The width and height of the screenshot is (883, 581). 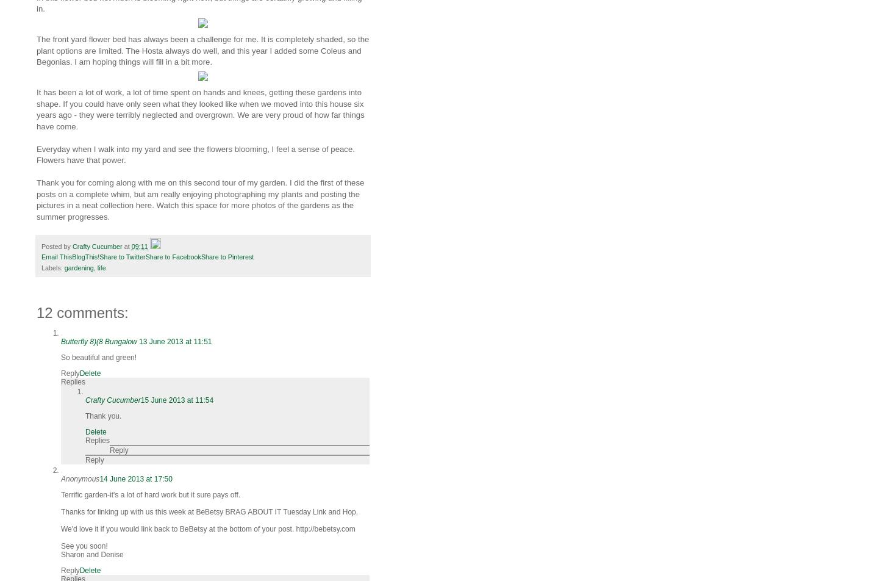 I want to click on 'Thank you.', so click(x=102, y=416).